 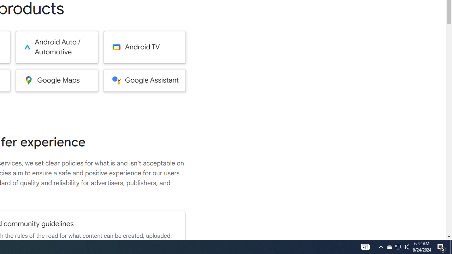 I want to click on 'Google Assistant', so click(x=144, y=80).